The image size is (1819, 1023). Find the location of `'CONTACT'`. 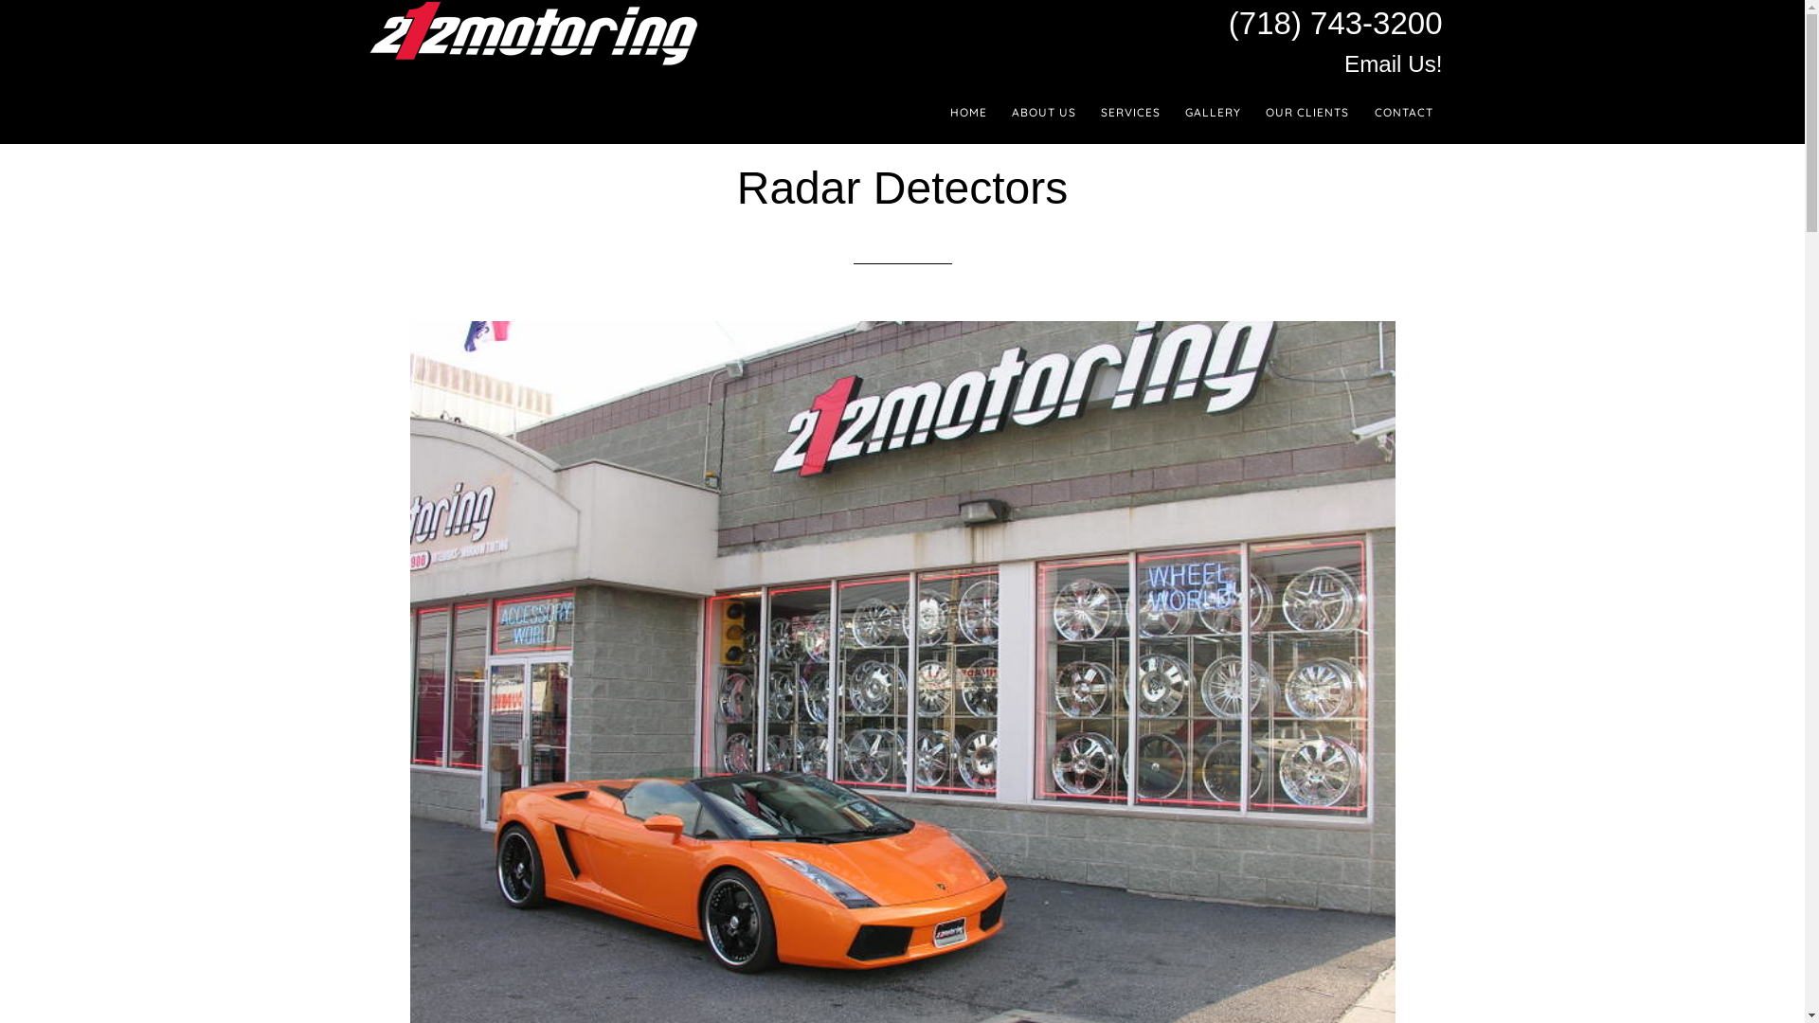

'CONTACT' is located at coordinates (1364, 113).